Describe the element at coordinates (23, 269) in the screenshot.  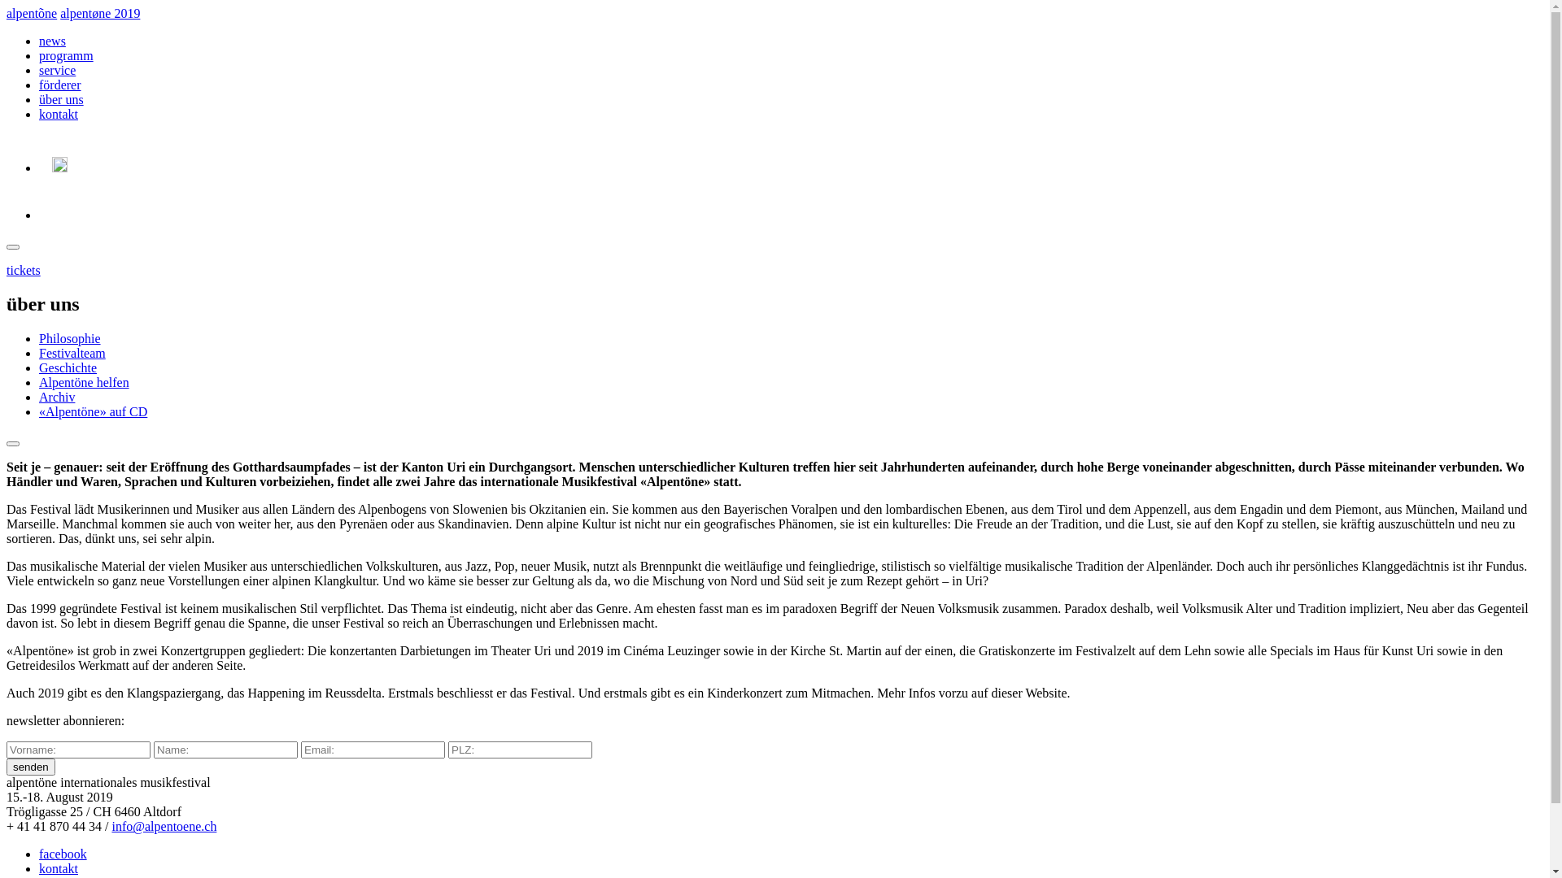
I see `'tickets'` at that location.